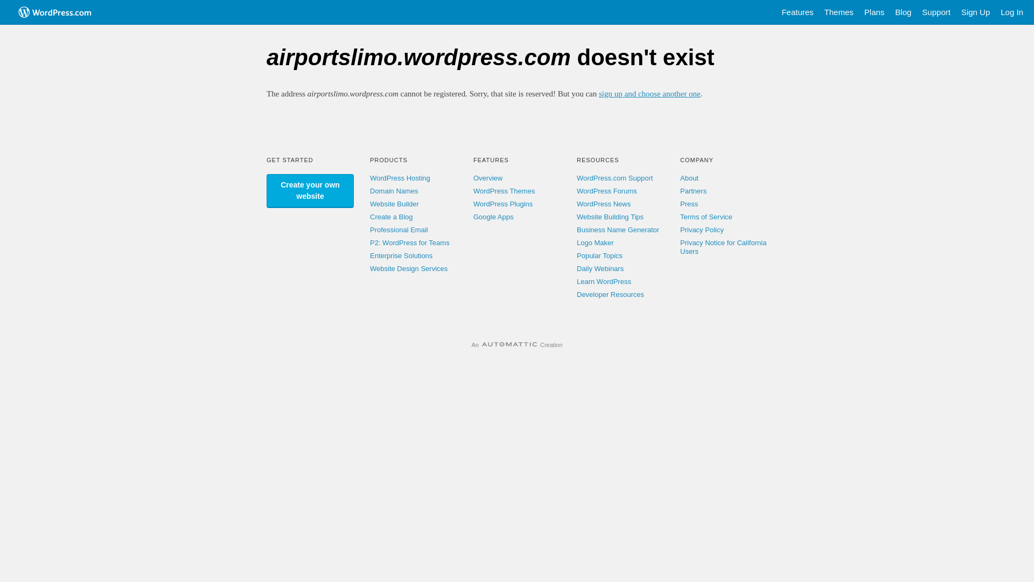 Image resolution: width=1034 pixels, height=582 pixels. What do you see at coordinates (689, 177) in the screenshot?
I see `'About'` at bounding box center [689, 177].